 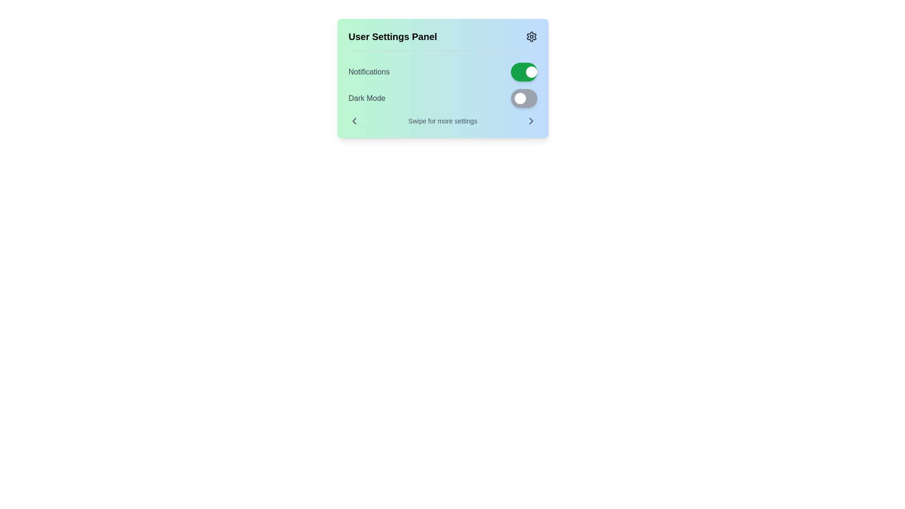 I want to click on the notification toggle switch to change its state, so click(x=523, y=72).